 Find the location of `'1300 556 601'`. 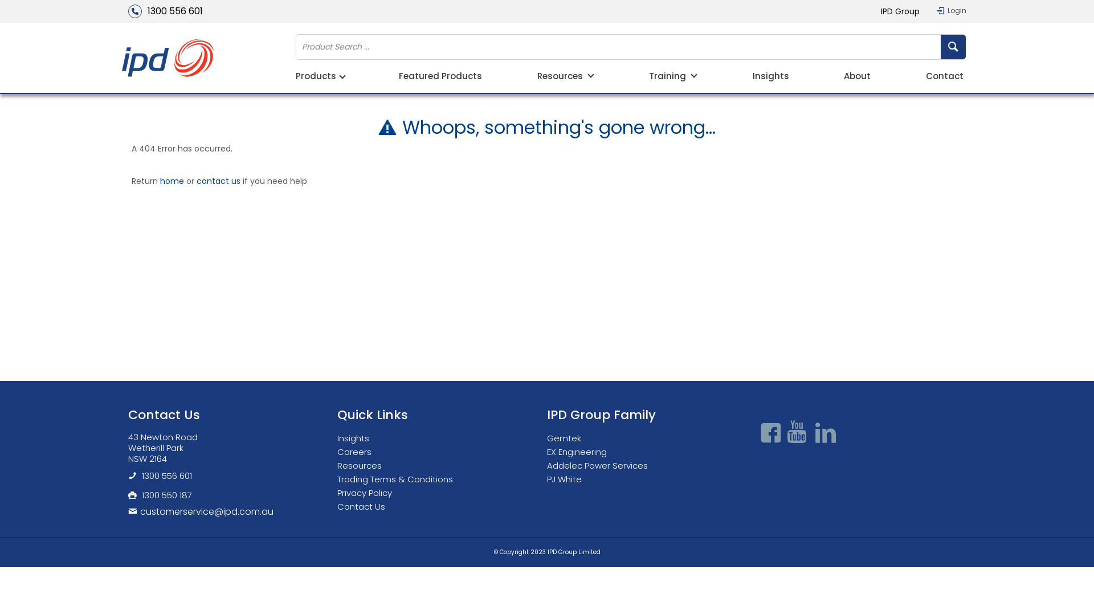

'1300 556 601' is located at coordinates (128, 11).